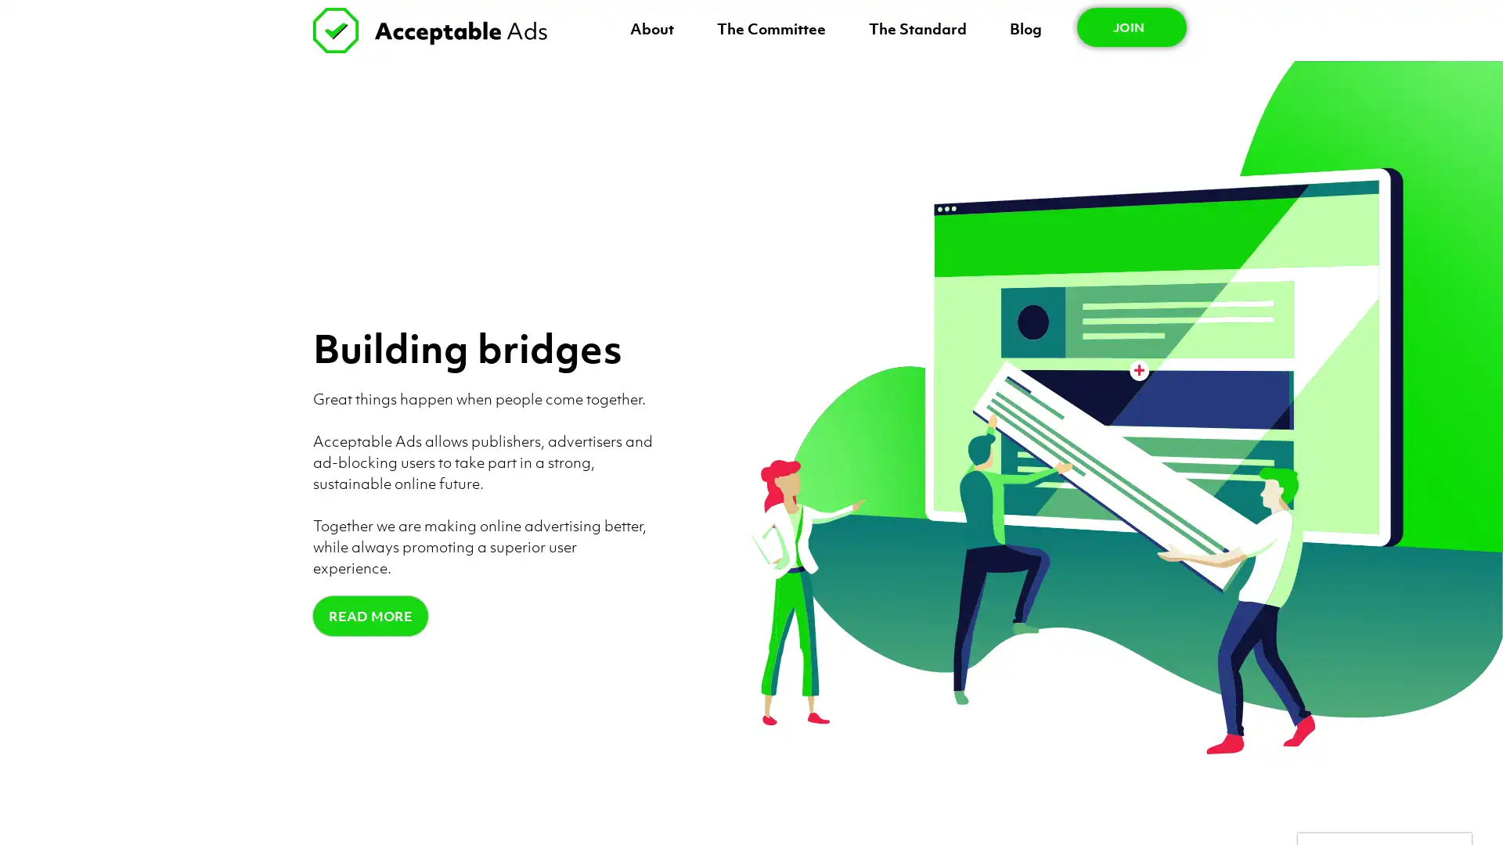 The image size is (1503, 845). What do you see at coordinates (1130, 27) in the screenshot?
I see `JOIN` at bounding box center [1130, 27].